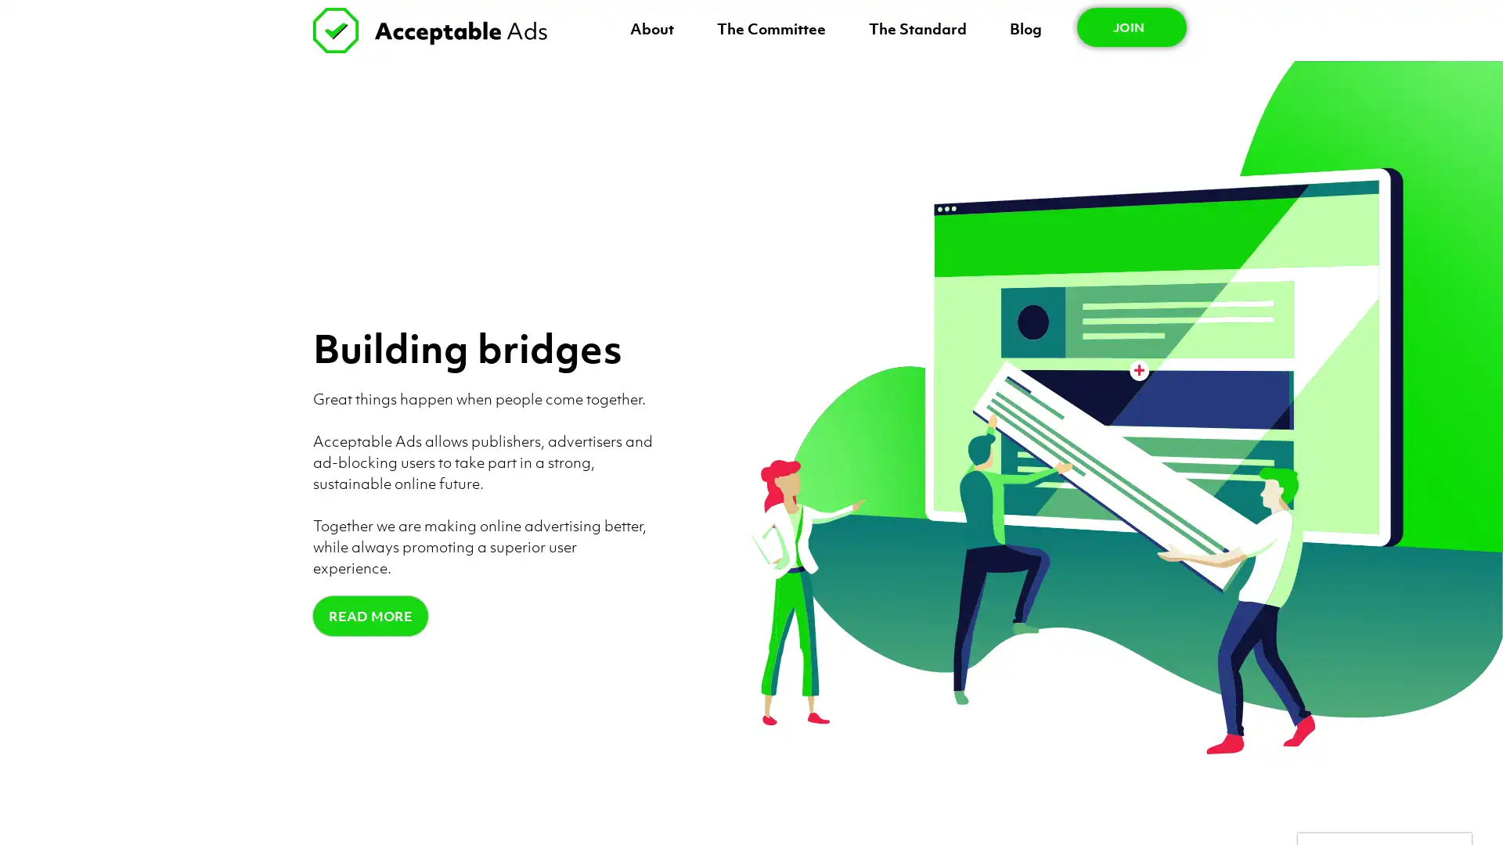 The image size is (1503, 845). What do you see at coordinates (1130, 27) in the screenshot?
I see `JOIN` at bounding box center [1130, 27].